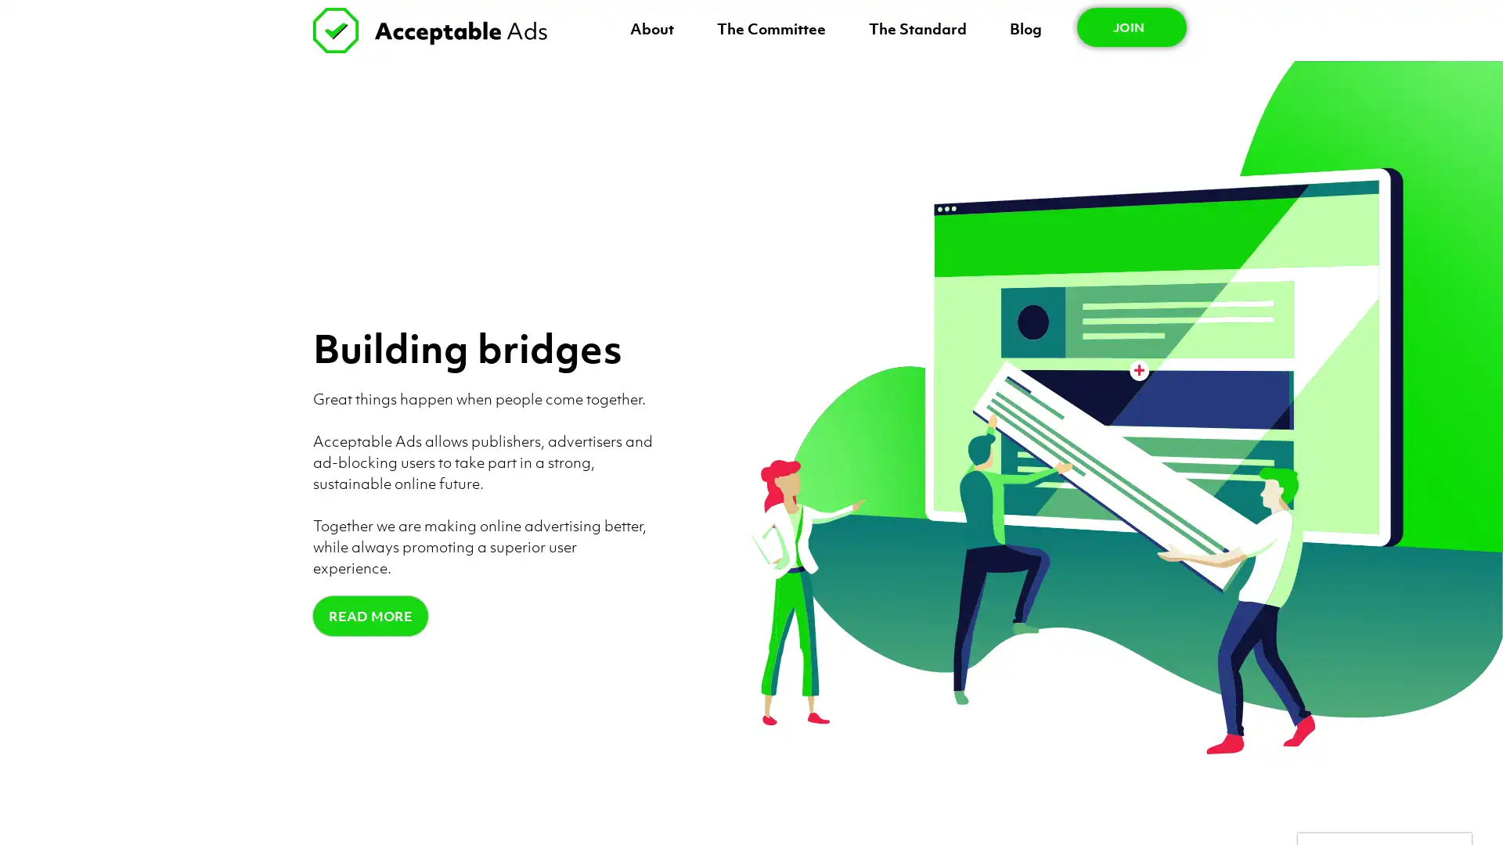 The image size is (1503, 845). What do you see at coordinates (1130, 27) in the screenshot?
I see `JOIN` at bounding box center [1130, 27].